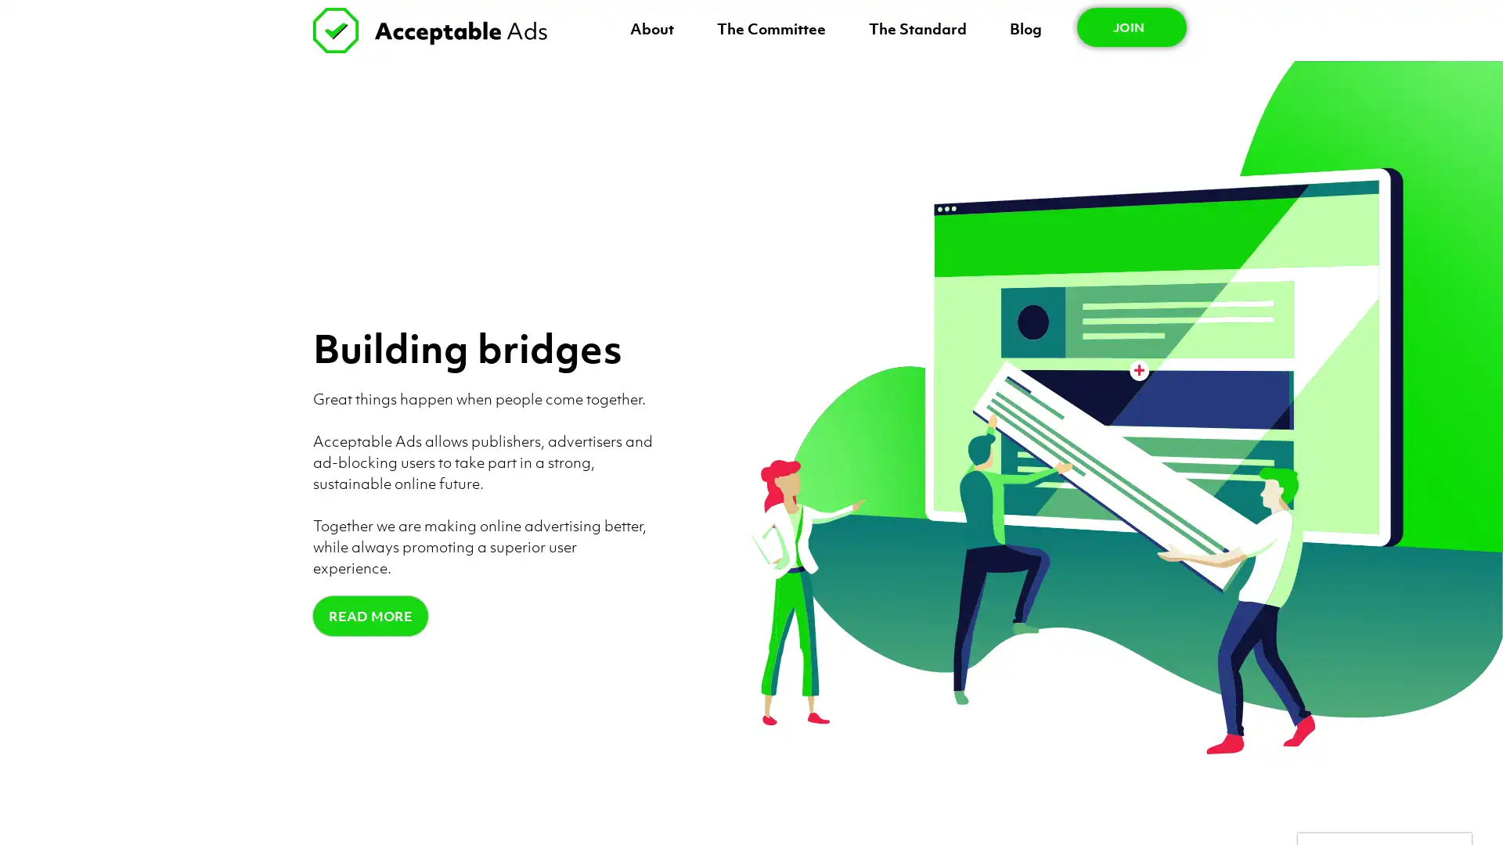 The image size is (1503, 845). What do you see at coordinates (1130, 27) in the screenshot?
I see `JOIN` at bounding box center [1130, 27].